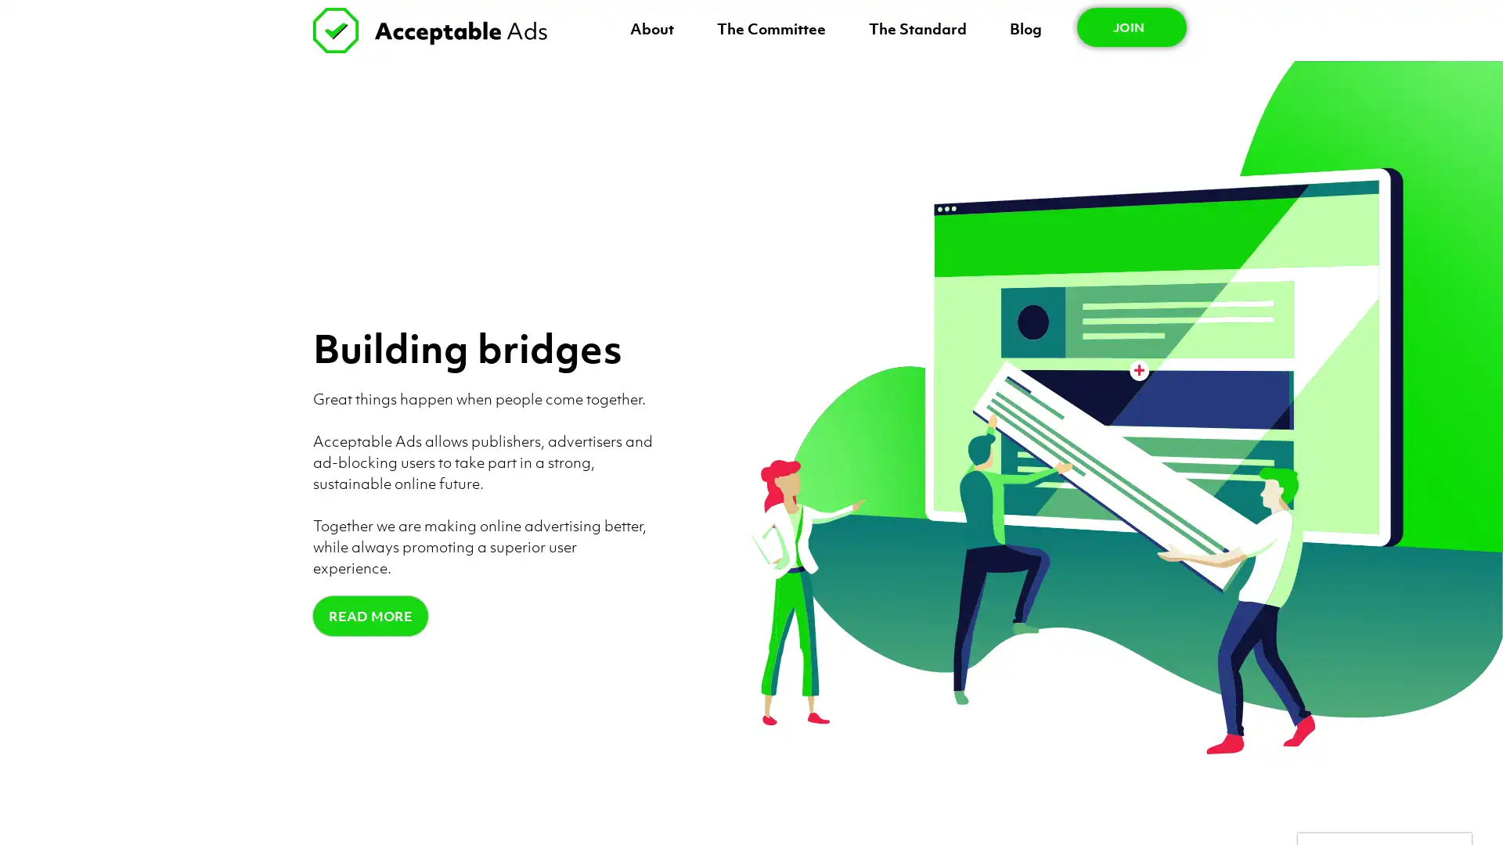 The image size is (1503, 845). What do you see at coordinates (1130, 27) in the screenshot?
I see `JOIN` at bounding box center [1130, 27].